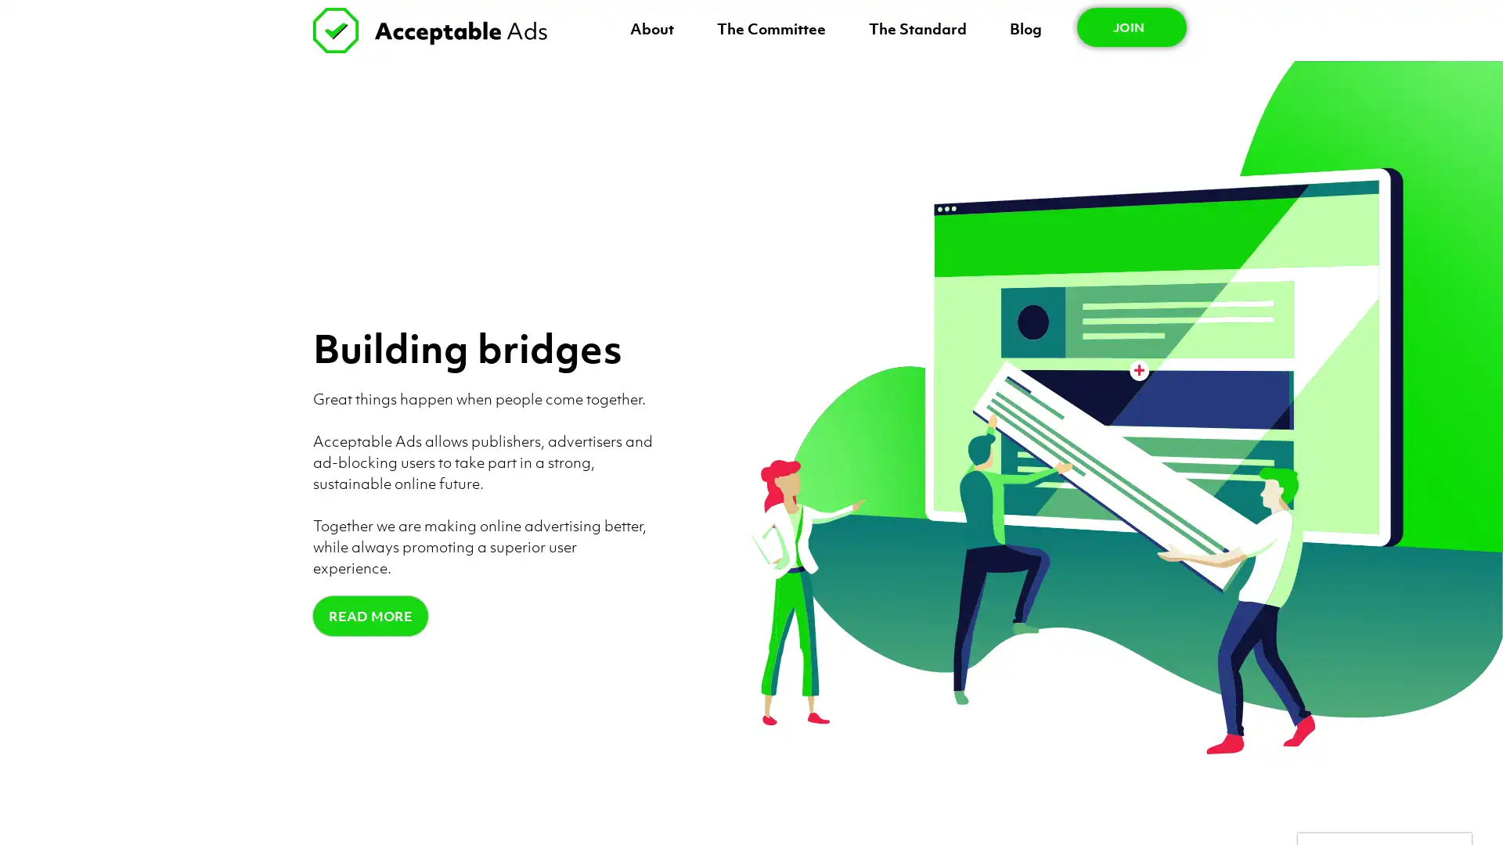 The image size is (1503, 845). What do you see at coordinates (1130, 27) in the screenshot?
I see `JOIN` at bounding box center [1130, 27].